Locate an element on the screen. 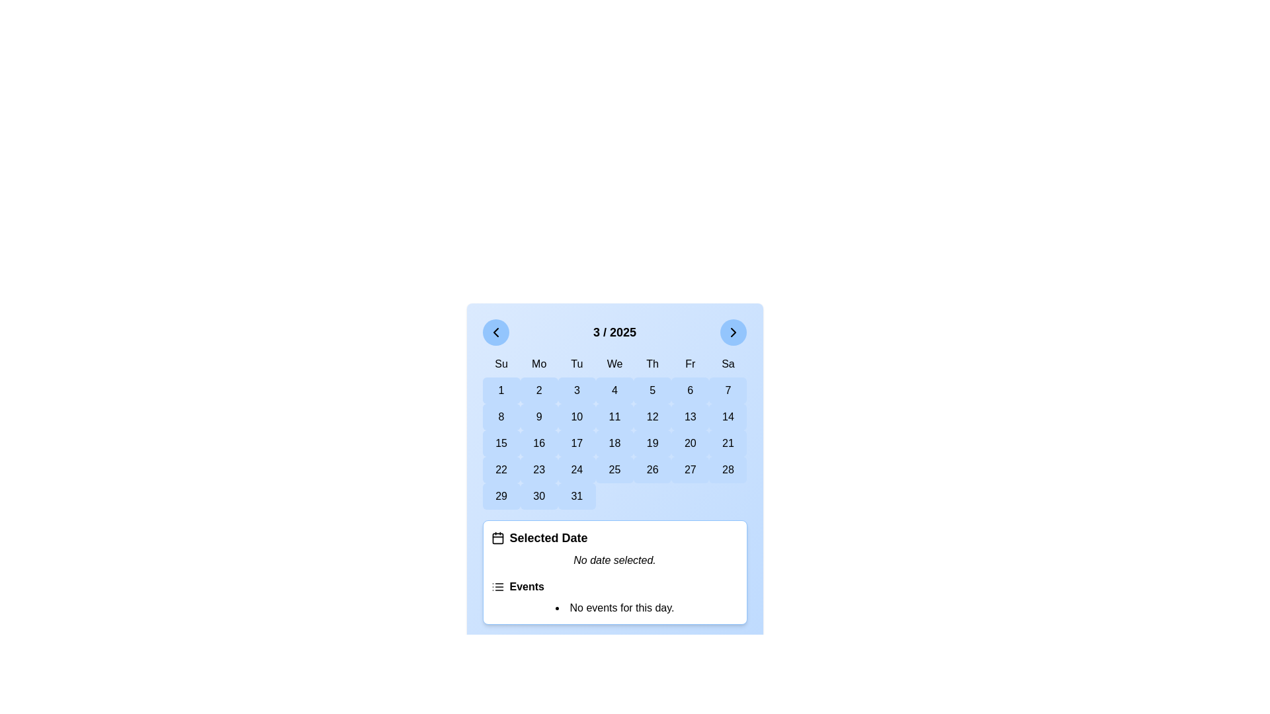 The image size is (1270, 714). the static text label 'Su' which is the first column in a grid of weekday abbreviations, styled with a medium-sized font and a solid light blue background is located at coordinates (501, 364).